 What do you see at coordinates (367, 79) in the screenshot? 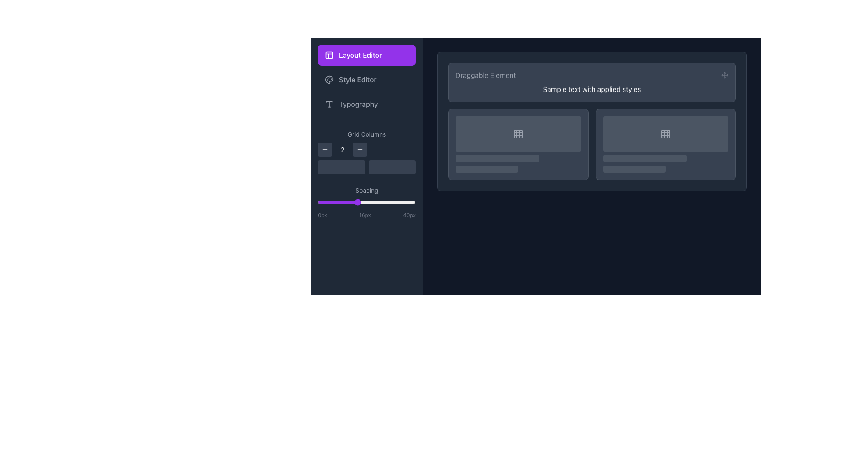
I see `the 'Style Editor' button located in the left sidebar, which is the second button in a vertical list of three buttons` at bounding box center [367, 79].